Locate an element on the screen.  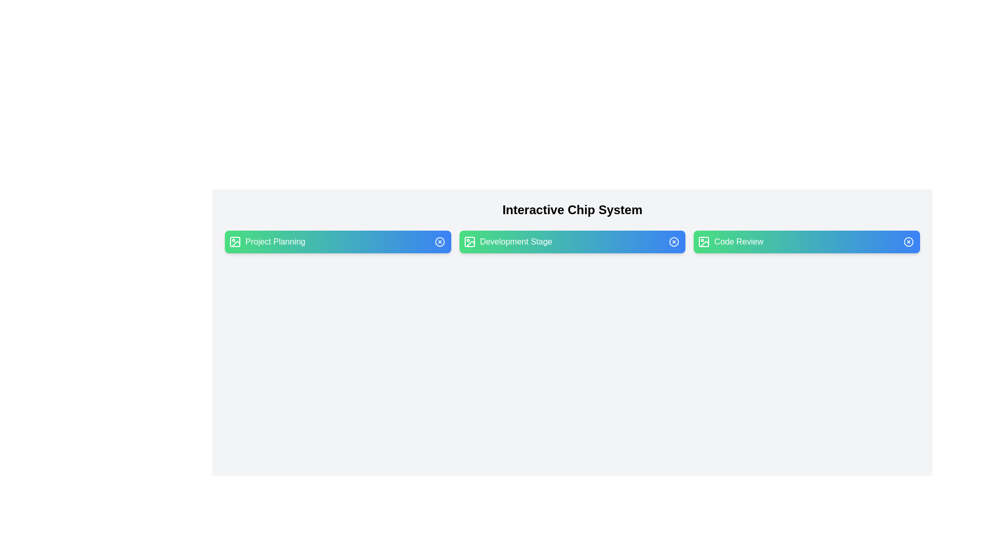
remove button of the chip labeled 'Code Review' to delete it is located at coordinates (909, 242).